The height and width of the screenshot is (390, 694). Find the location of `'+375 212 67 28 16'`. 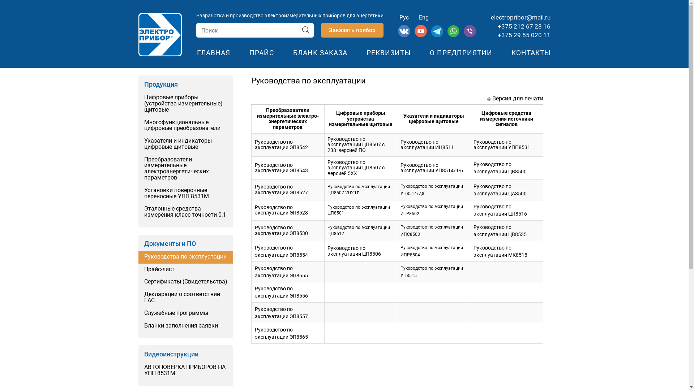

'+375 212 67 28 16' is located at coordinates (524, 26).